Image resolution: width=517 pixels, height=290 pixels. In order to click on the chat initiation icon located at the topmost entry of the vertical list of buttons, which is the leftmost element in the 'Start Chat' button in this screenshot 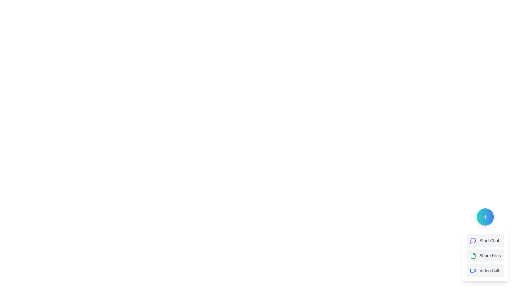, I will do `click(473, 240)`.